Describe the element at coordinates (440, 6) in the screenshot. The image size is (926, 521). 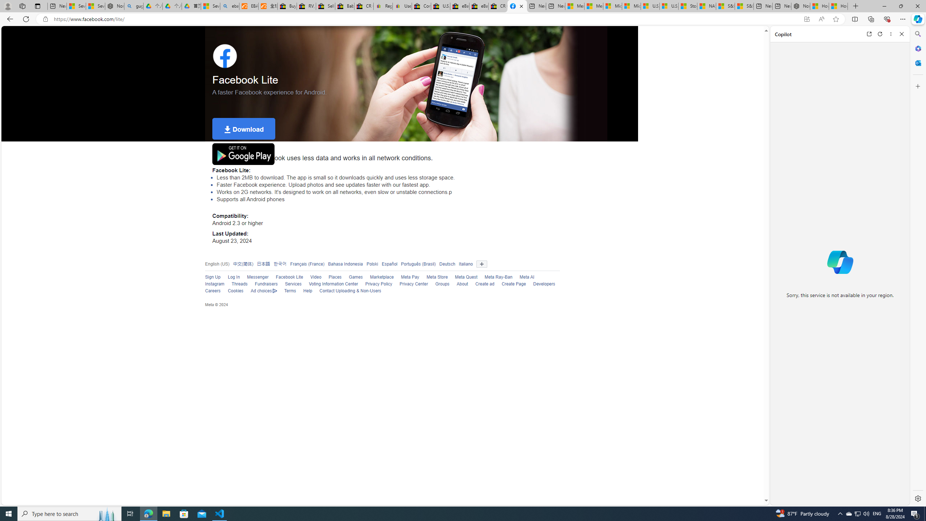
I see `'U.S. State Privacy Disclosures - eBay Inc.'` at that location.